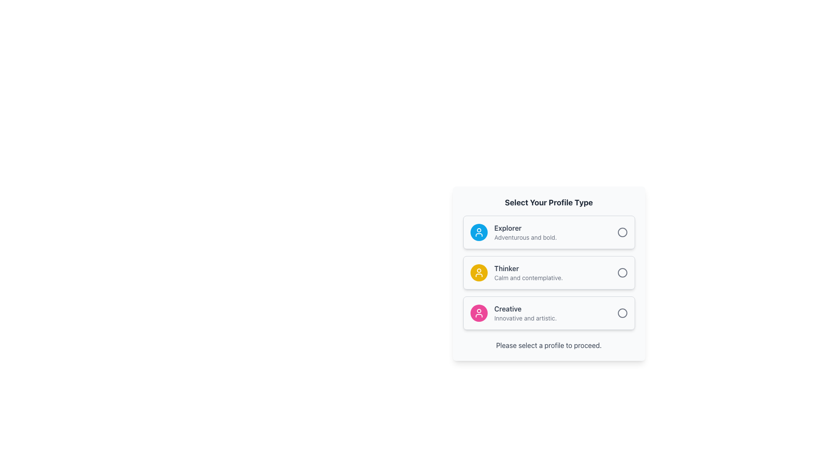  What do you see at coordinates (548, 202) in the screenshot?
I see `the bold, centered title text labeled 'Select Your Profile Type' which is styled in gray on a light background and positioned above the user profile options` at bounding box center [548, 202].